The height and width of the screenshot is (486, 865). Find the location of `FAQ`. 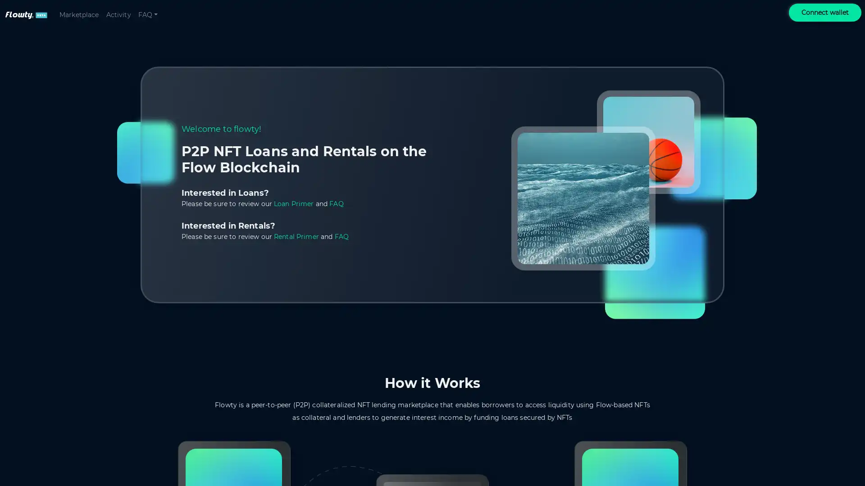

FAQ is located at coordinates (147, 14).